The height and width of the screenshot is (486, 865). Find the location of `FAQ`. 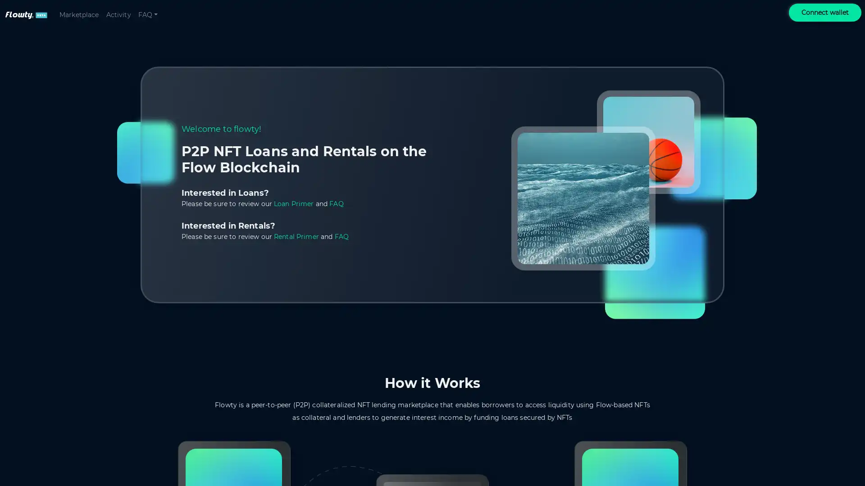

FAQ is located at coordinates (147, 14).